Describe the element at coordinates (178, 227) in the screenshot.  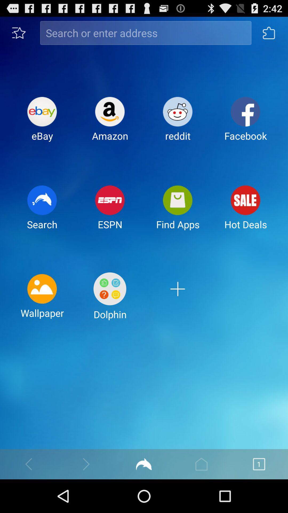
I see `the email icon` at that location.